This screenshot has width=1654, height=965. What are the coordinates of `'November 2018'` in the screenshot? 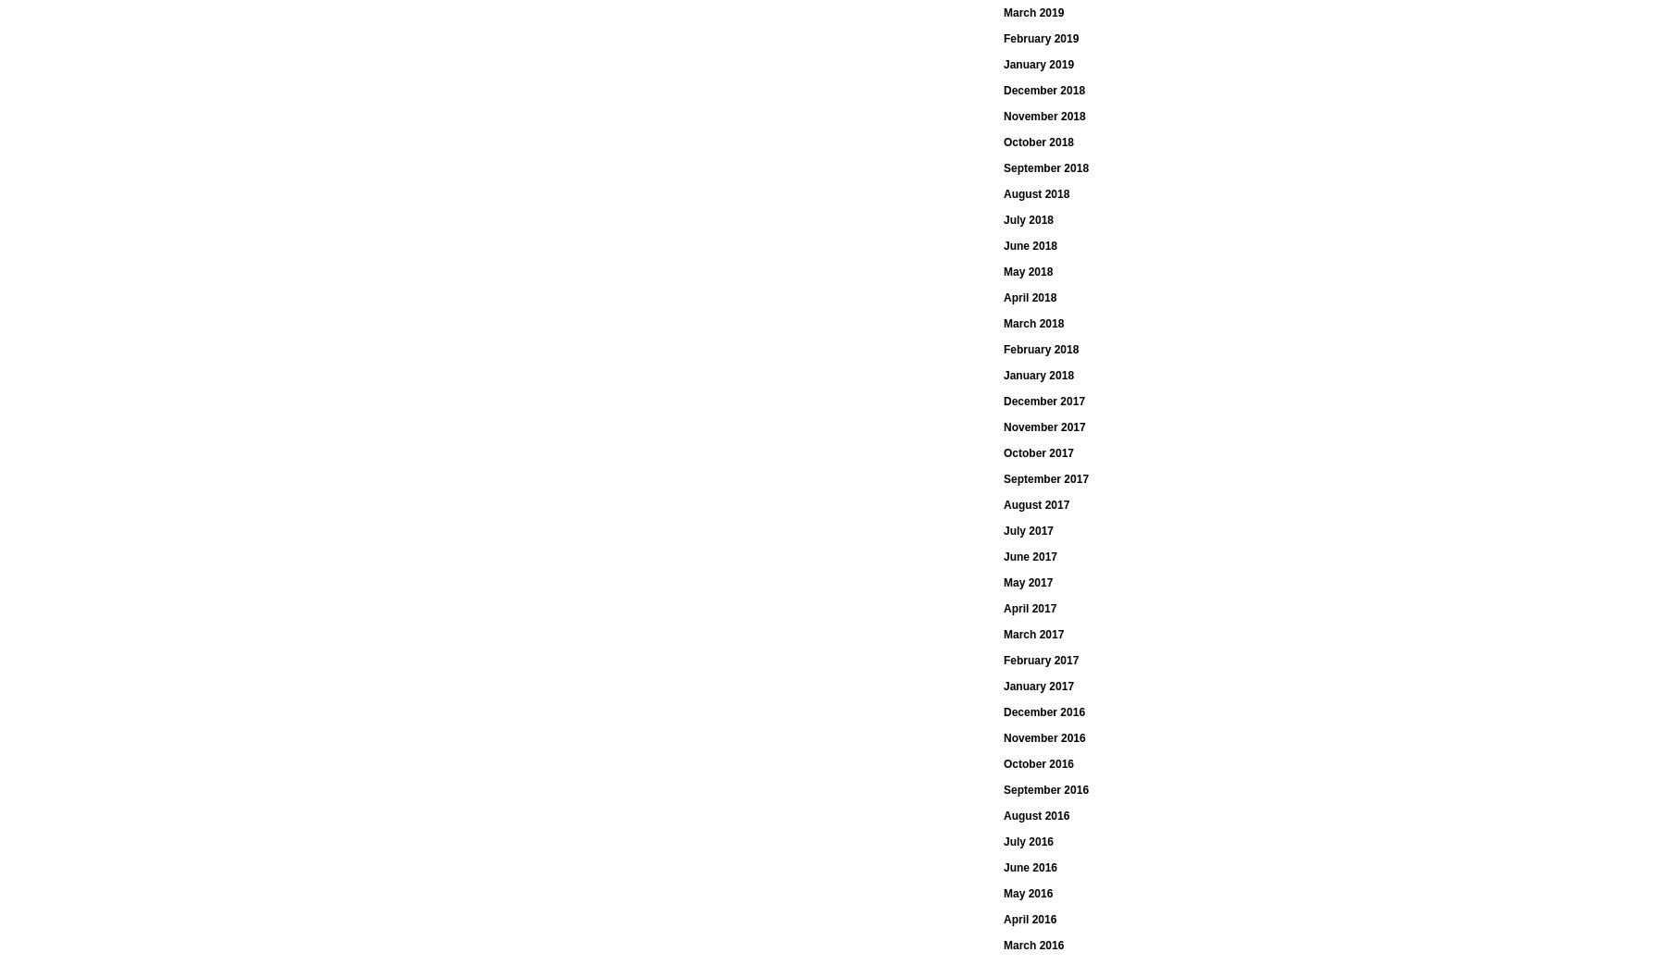 It's located at (1043, 116).